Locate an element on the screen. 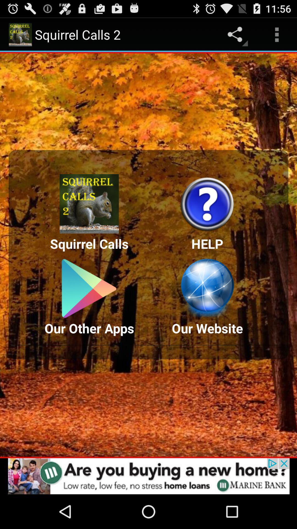  advertising is located at coordinates (148, 476).